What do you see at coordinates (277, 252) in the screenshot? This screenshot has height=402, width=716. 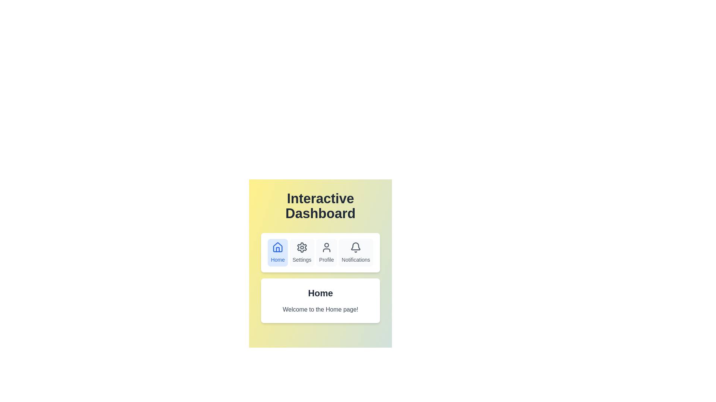 I see `the navigation bar buttons to observe their visual feedback. Specify the button name as Home` at bounding box center [277, 252].